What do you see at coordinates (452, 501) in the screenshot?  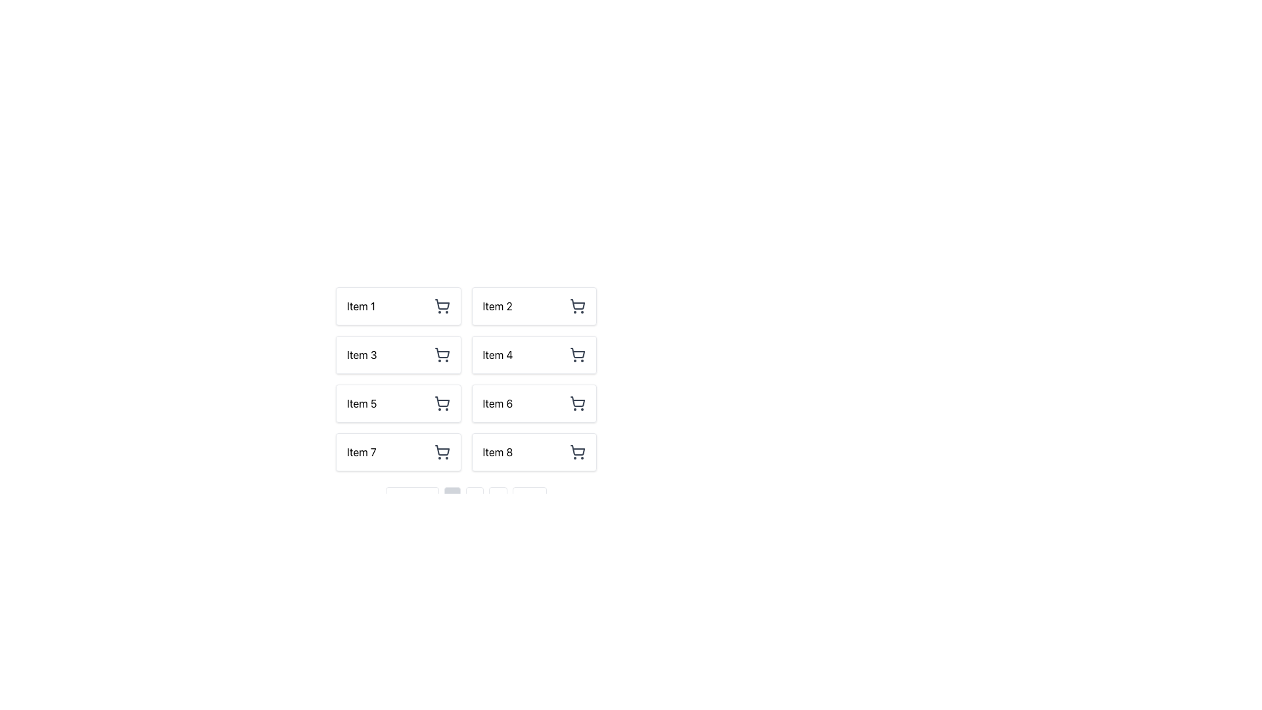 I see `the circular button labeled '1'` at bounding box center [452, 501].